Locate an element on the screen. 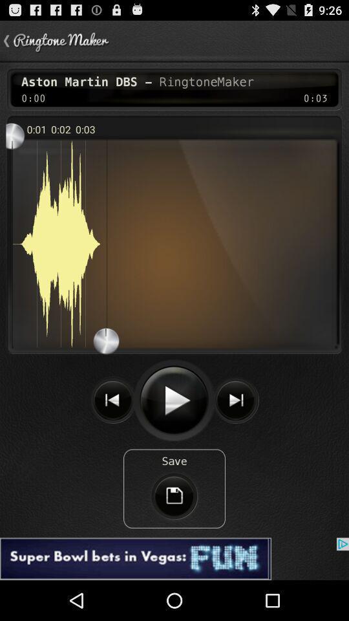 The width and height of the screenshot is (349, 621). advertising area is located at coordinates (174, 558).